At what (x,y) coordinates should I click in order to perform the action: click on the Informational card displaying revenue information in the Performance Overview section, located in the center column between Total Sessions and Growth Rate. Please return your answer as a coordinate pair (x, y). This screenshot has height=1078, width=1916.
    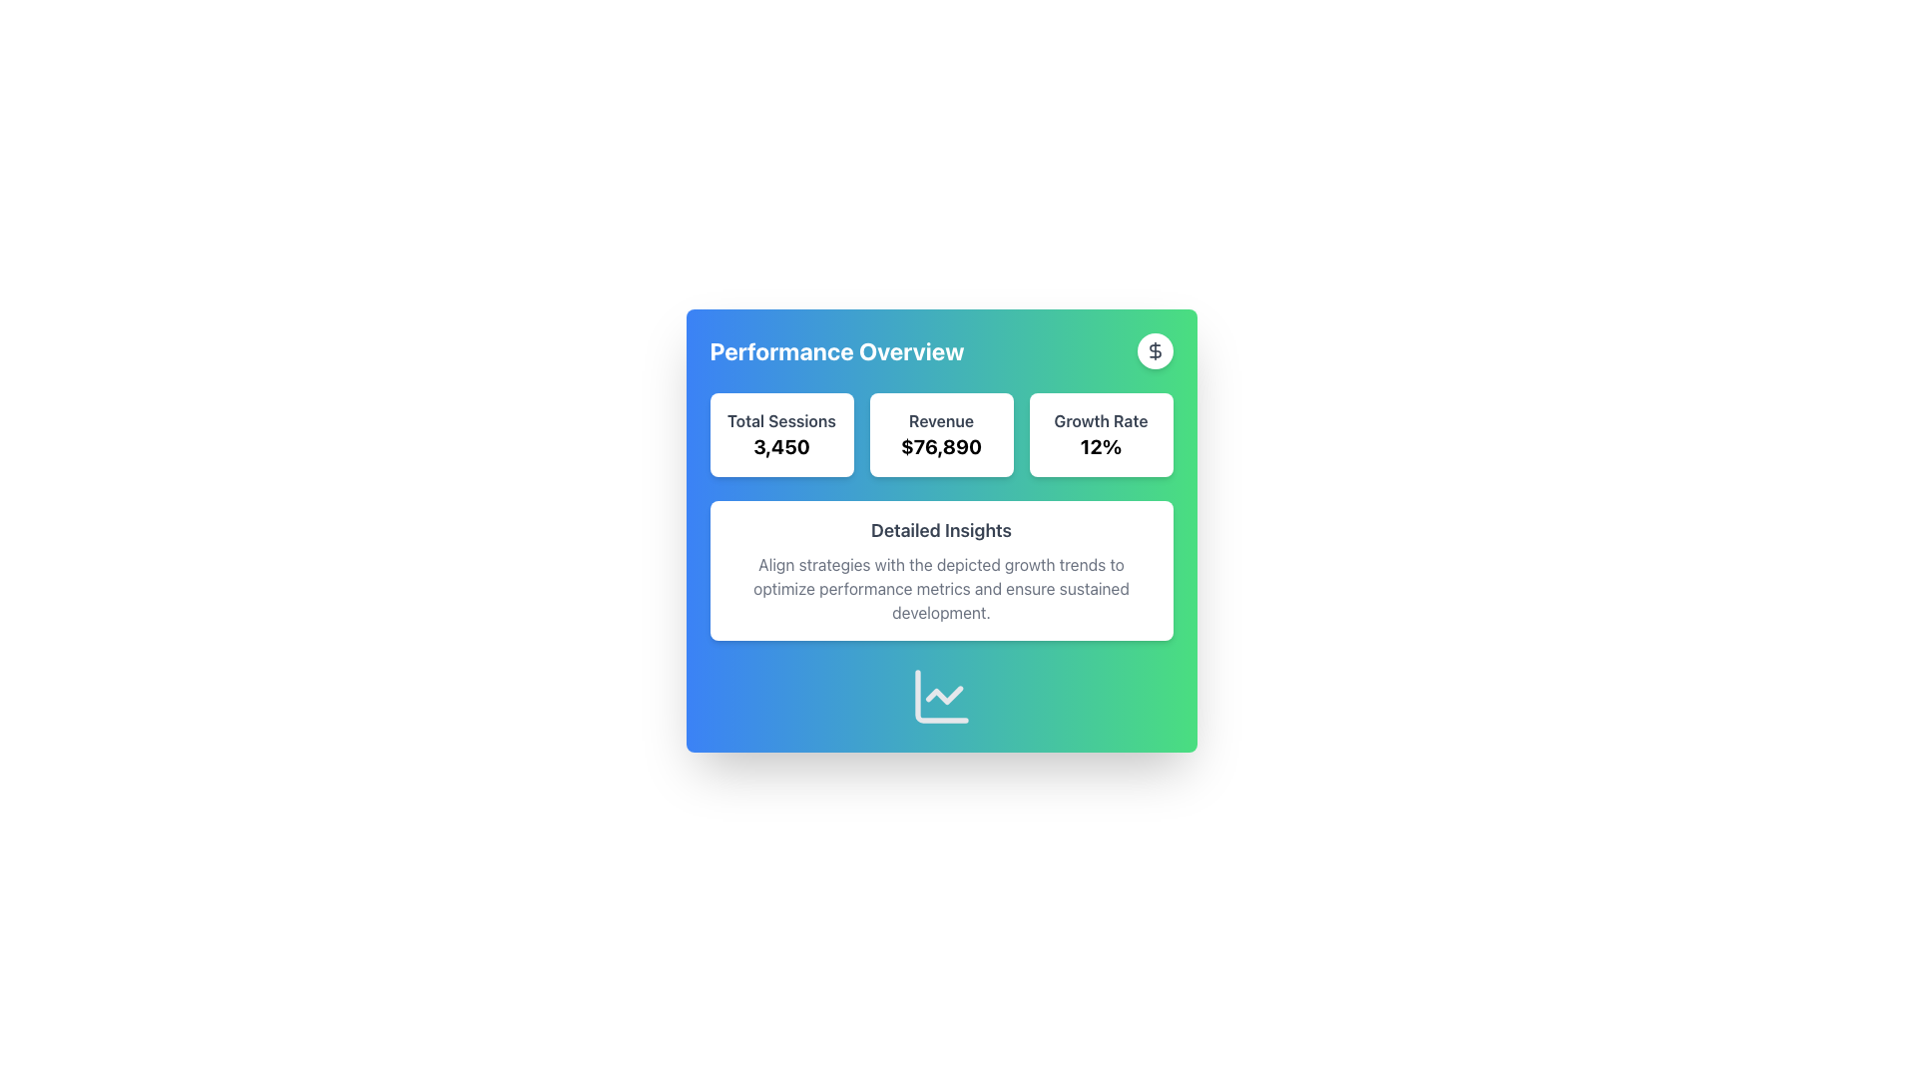
    Looking at the image, I should click on (940, 433).